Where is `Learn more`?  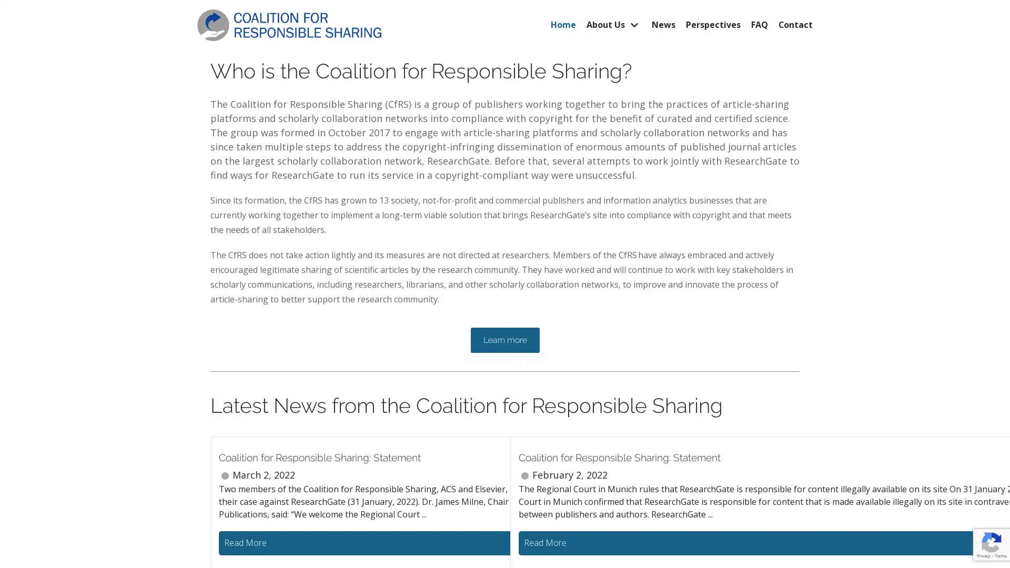
Learn more is located at coordinates (504, 339).